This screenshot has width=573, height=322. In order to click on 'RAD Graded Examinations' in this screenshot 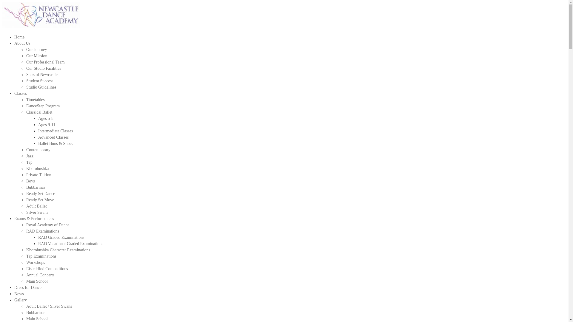, I will do `click(61, 237)`.